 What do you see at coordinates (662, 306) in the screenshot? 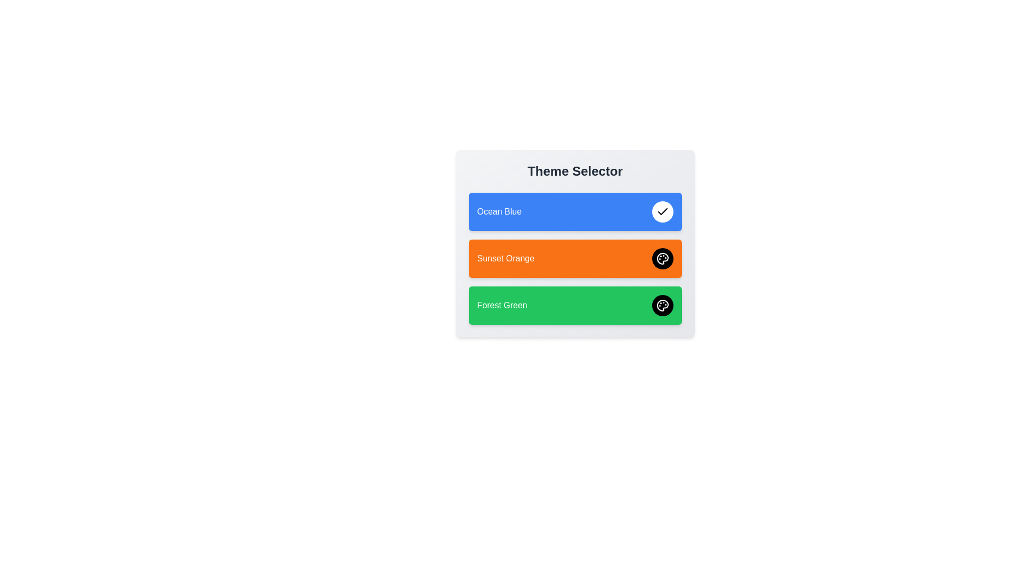
I see `the theme Forest Green by clicking its corresponding button` at bounding box center [662, 306].